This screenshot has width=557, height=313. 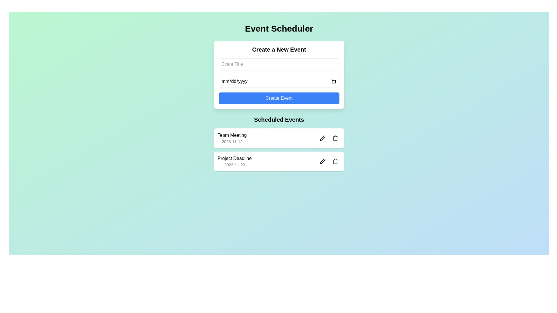 What do you see at coordinates (232, 138) in the screenshot?
I see `event information displayed in the Text display component for 'Team Meeting' and its date '2023-11-12', located in the 'Scheduled Events' section` at bounding box center [232, 138].